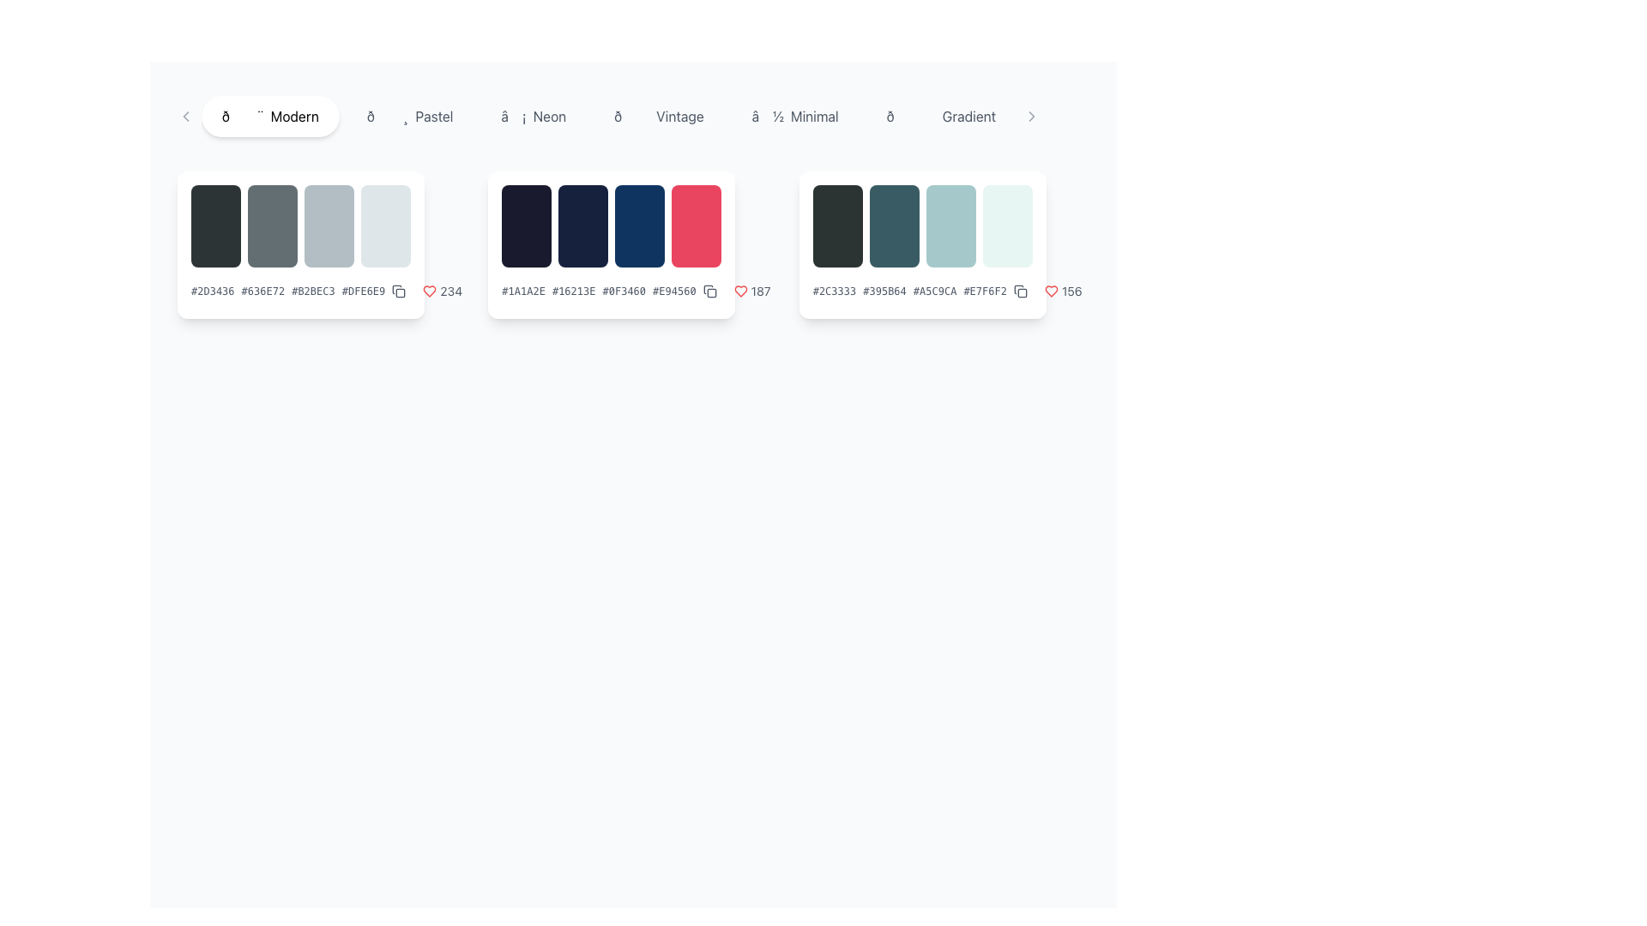  I want to click on displayed number from the text label that serves as a counter for likes or favorites, located in the second card of a horizontally arranged set, immediately following a heart icon, so click(451, 290).